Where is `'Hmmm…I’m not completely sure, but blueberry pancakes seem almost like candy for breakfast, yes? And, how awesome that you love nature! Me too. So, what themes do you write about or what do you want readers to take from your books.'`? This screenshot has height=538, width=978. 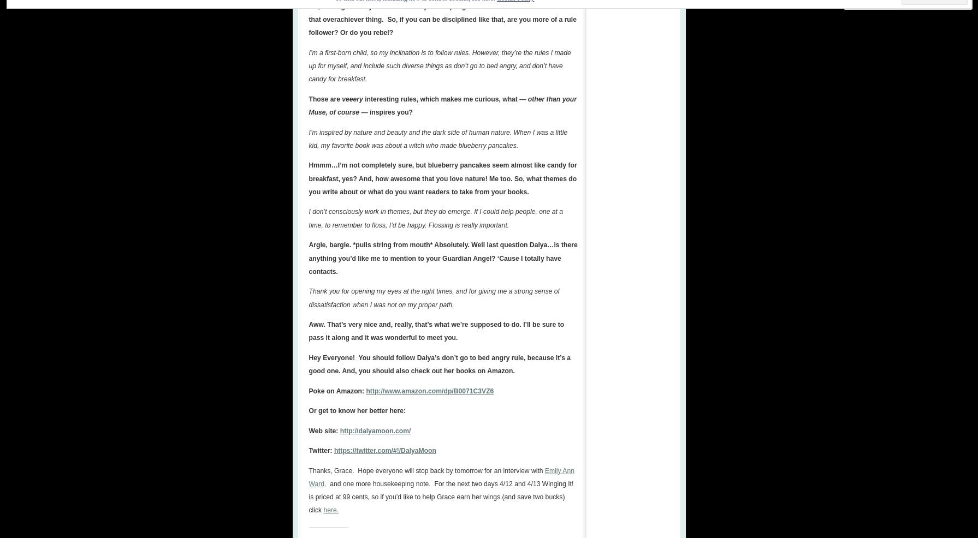
'Hmmm…I’m not completely sure, but blueberry pancakes seem almost like candy for breakfast, yes? And, how awesome that you love nature! Me too. So, what themes do you write about or what do you want readers to take from your books.' is located at coordinates (309, 178).